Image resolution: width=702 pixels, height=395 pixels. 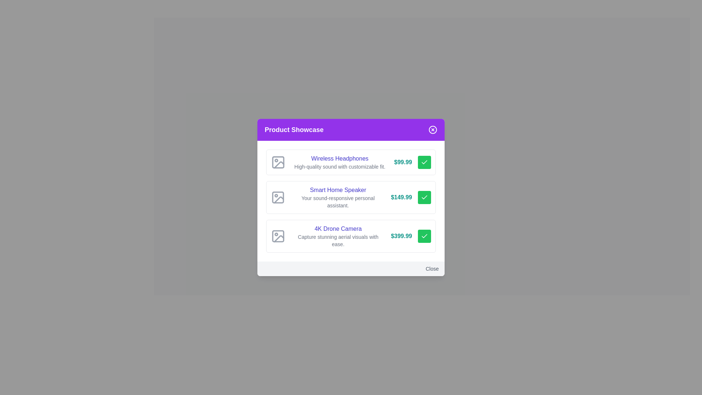 I want to click on the 'Close' text button located in the bottom-right corner of the footer section, so click(x=432, y=269).